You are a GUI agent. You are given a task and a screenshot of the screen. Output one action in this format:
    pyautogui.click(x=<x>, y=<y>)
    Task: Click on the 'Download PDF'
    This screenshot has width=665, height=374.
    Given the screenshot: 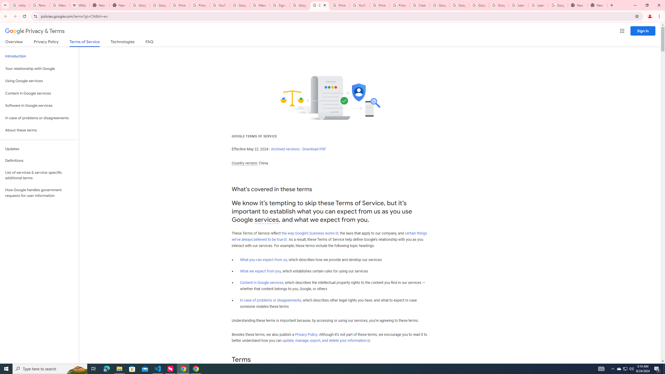 What is the action you would take?
    pyautogui.click(x=314, y=149)
    